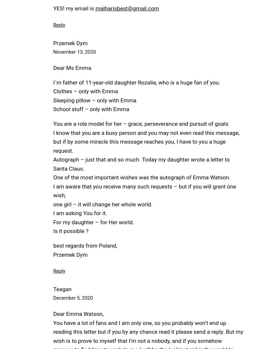 The image size is (276, 349). What do you see at coordinates (53, 177) in the screenshot?
I see `'One of the most important wishes was the autograph of Emma Watson.'` at bounding box center [53, 177].